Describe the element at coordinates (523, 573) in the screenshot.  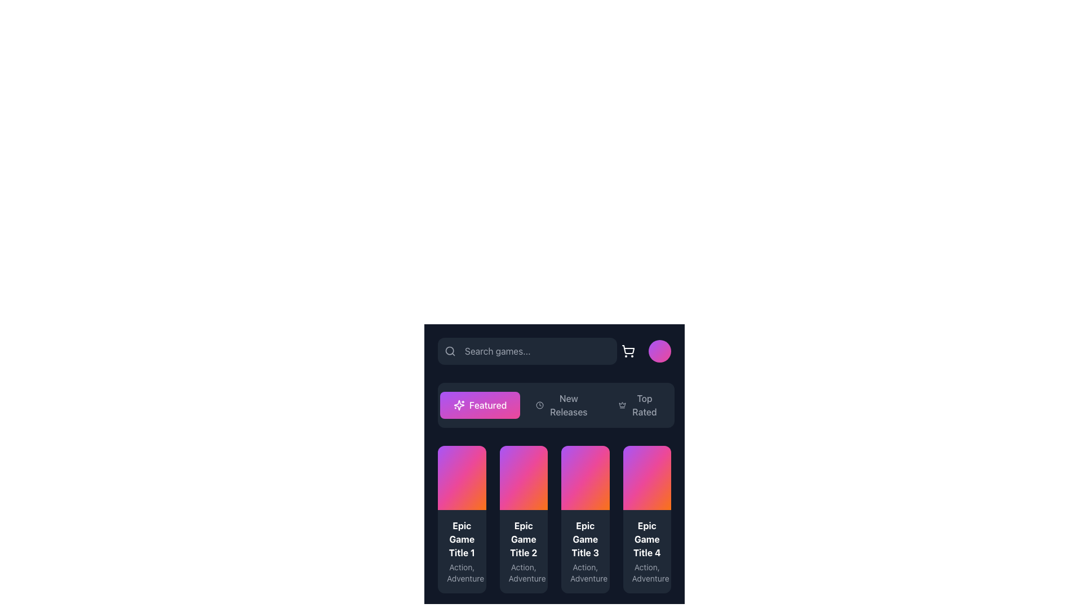
I see `the descriptive text label displaying 'Action, Adventure' located below the title 'Epic Game Title 2' in the second card of the horizontally aligned list under the 'Featured' tab` at that location.